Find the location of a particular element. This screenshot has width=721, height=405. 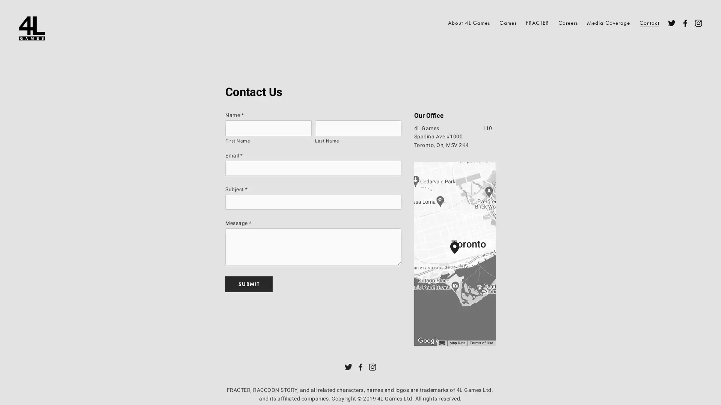

Submit is located at coordinates (249, 283).